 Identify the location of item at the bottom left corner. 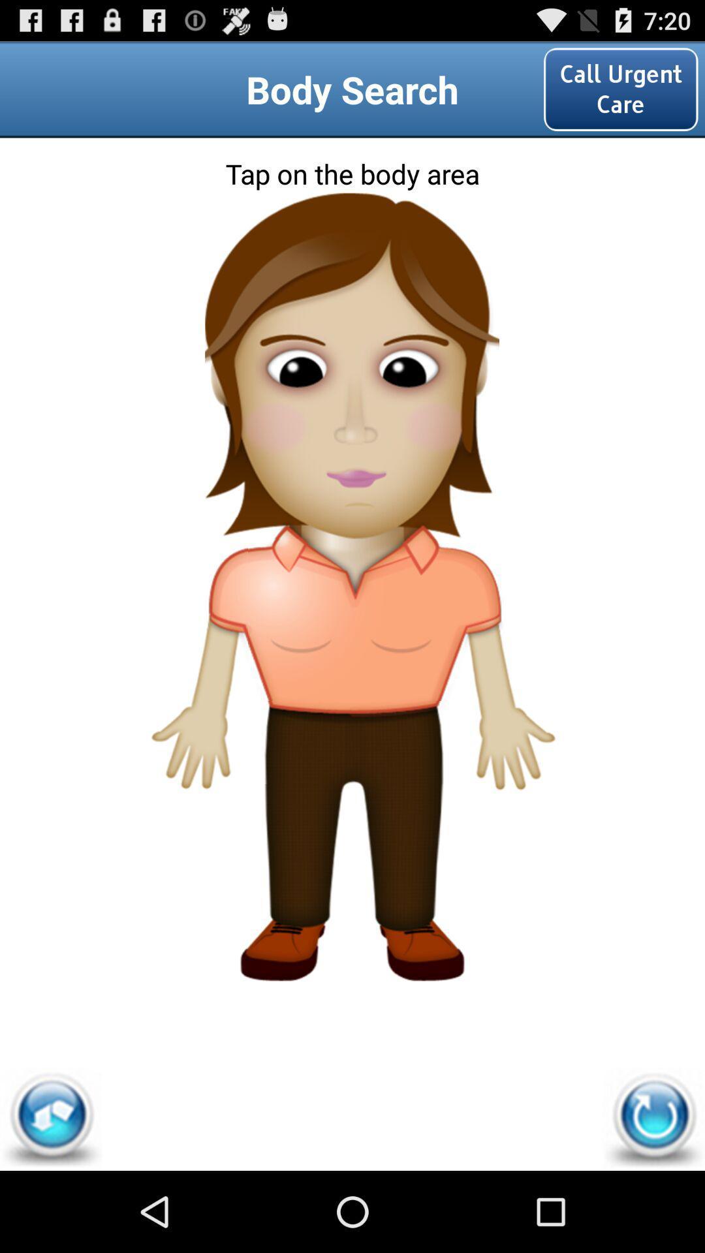
(50, 1119).